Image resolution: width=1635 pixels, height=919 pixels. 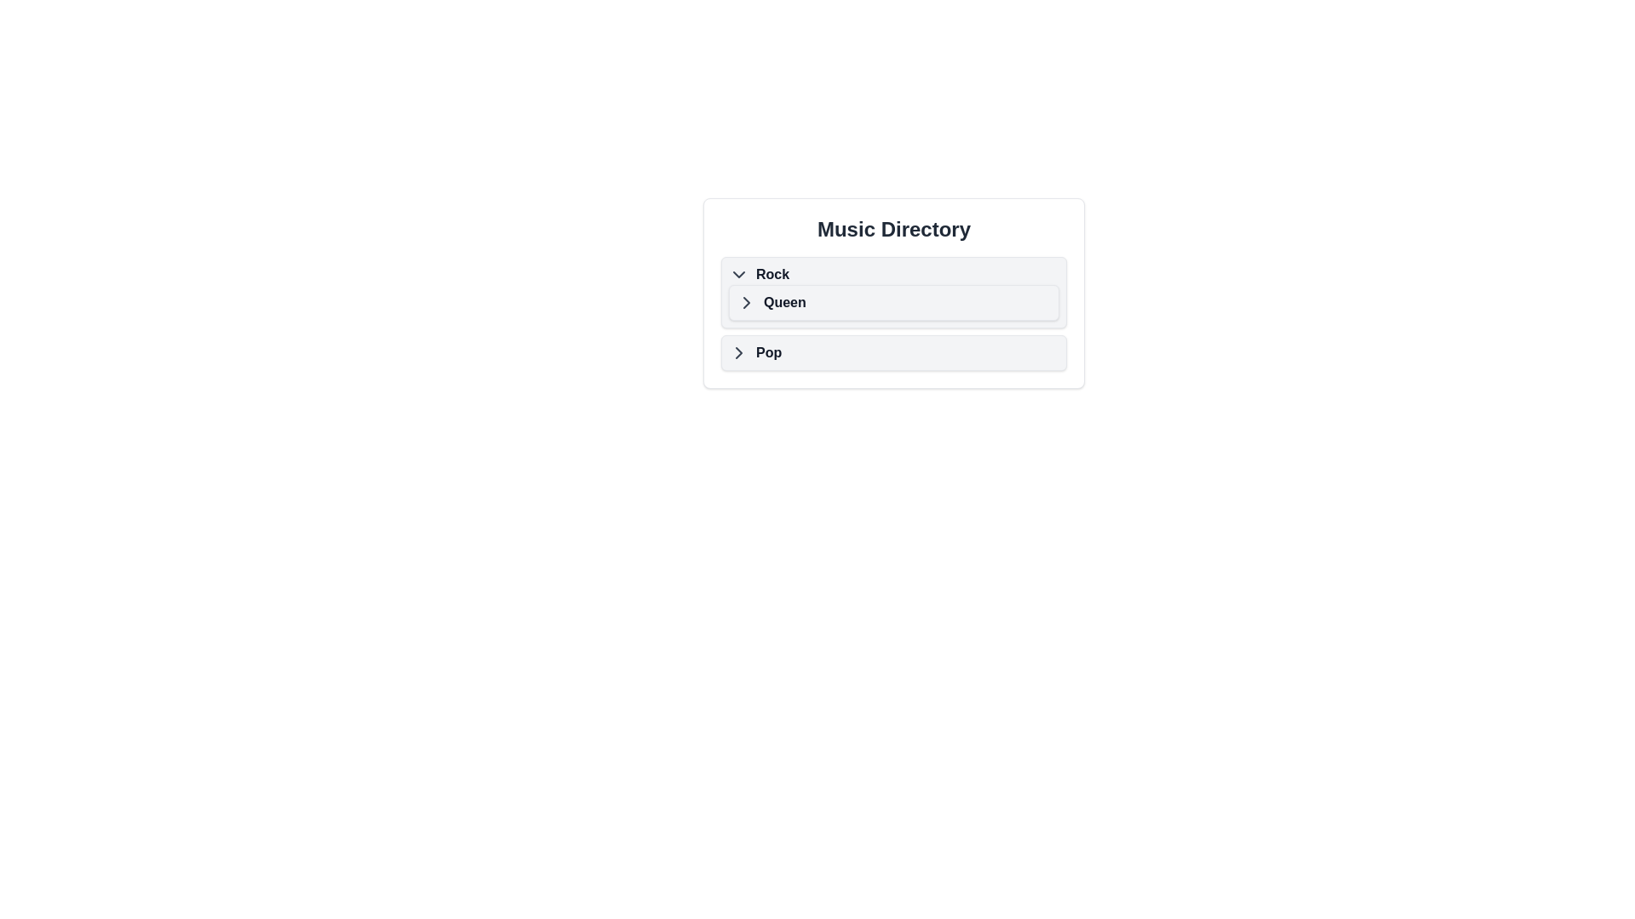 I want to click on the 'Queen' button, which is the second button, so click(x=893, y=314).